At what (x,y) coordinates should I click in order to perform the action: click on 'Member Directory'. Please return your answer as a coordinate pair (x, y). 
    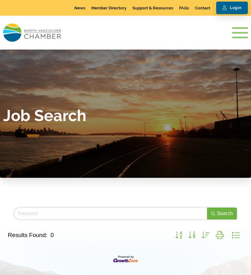
    Looking at the image, I should click on (91, 8).